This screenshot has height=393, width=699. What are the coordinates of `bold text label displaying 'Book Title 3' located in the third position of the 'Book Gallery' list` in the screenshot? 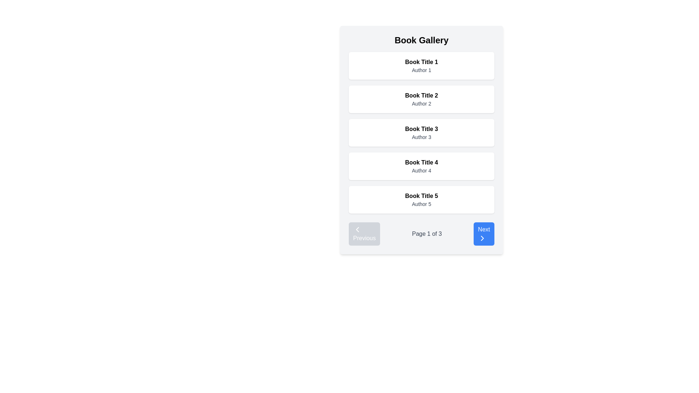 It's located at (421, 128).